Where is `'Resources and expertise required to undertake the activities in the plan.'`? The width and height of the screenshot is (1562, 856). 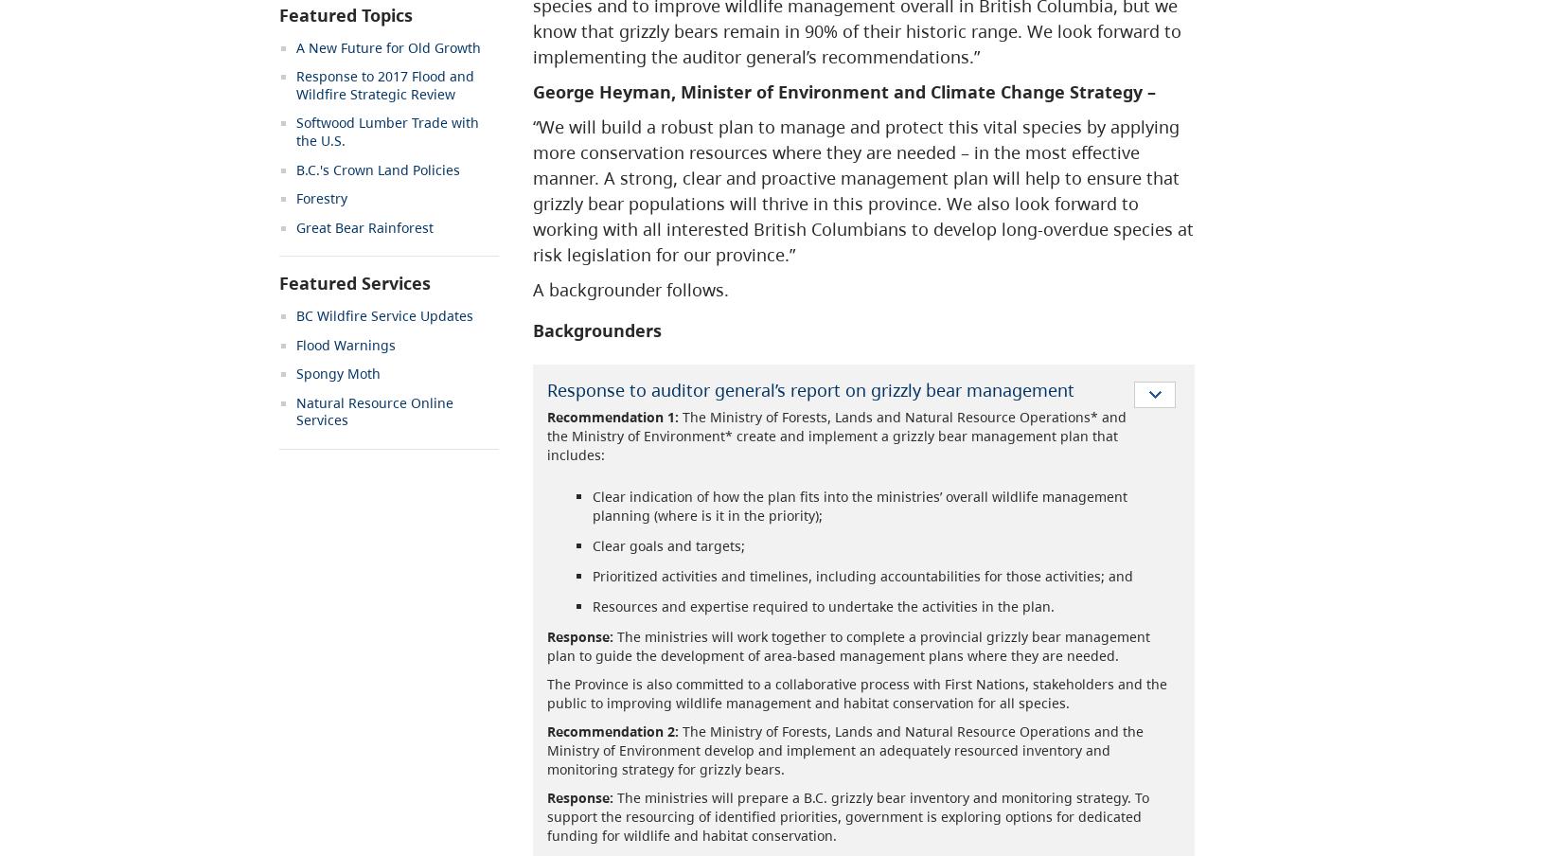 'Resources and expertise required to undertake the activities in the plan.' is located at coordinates (823, 605).